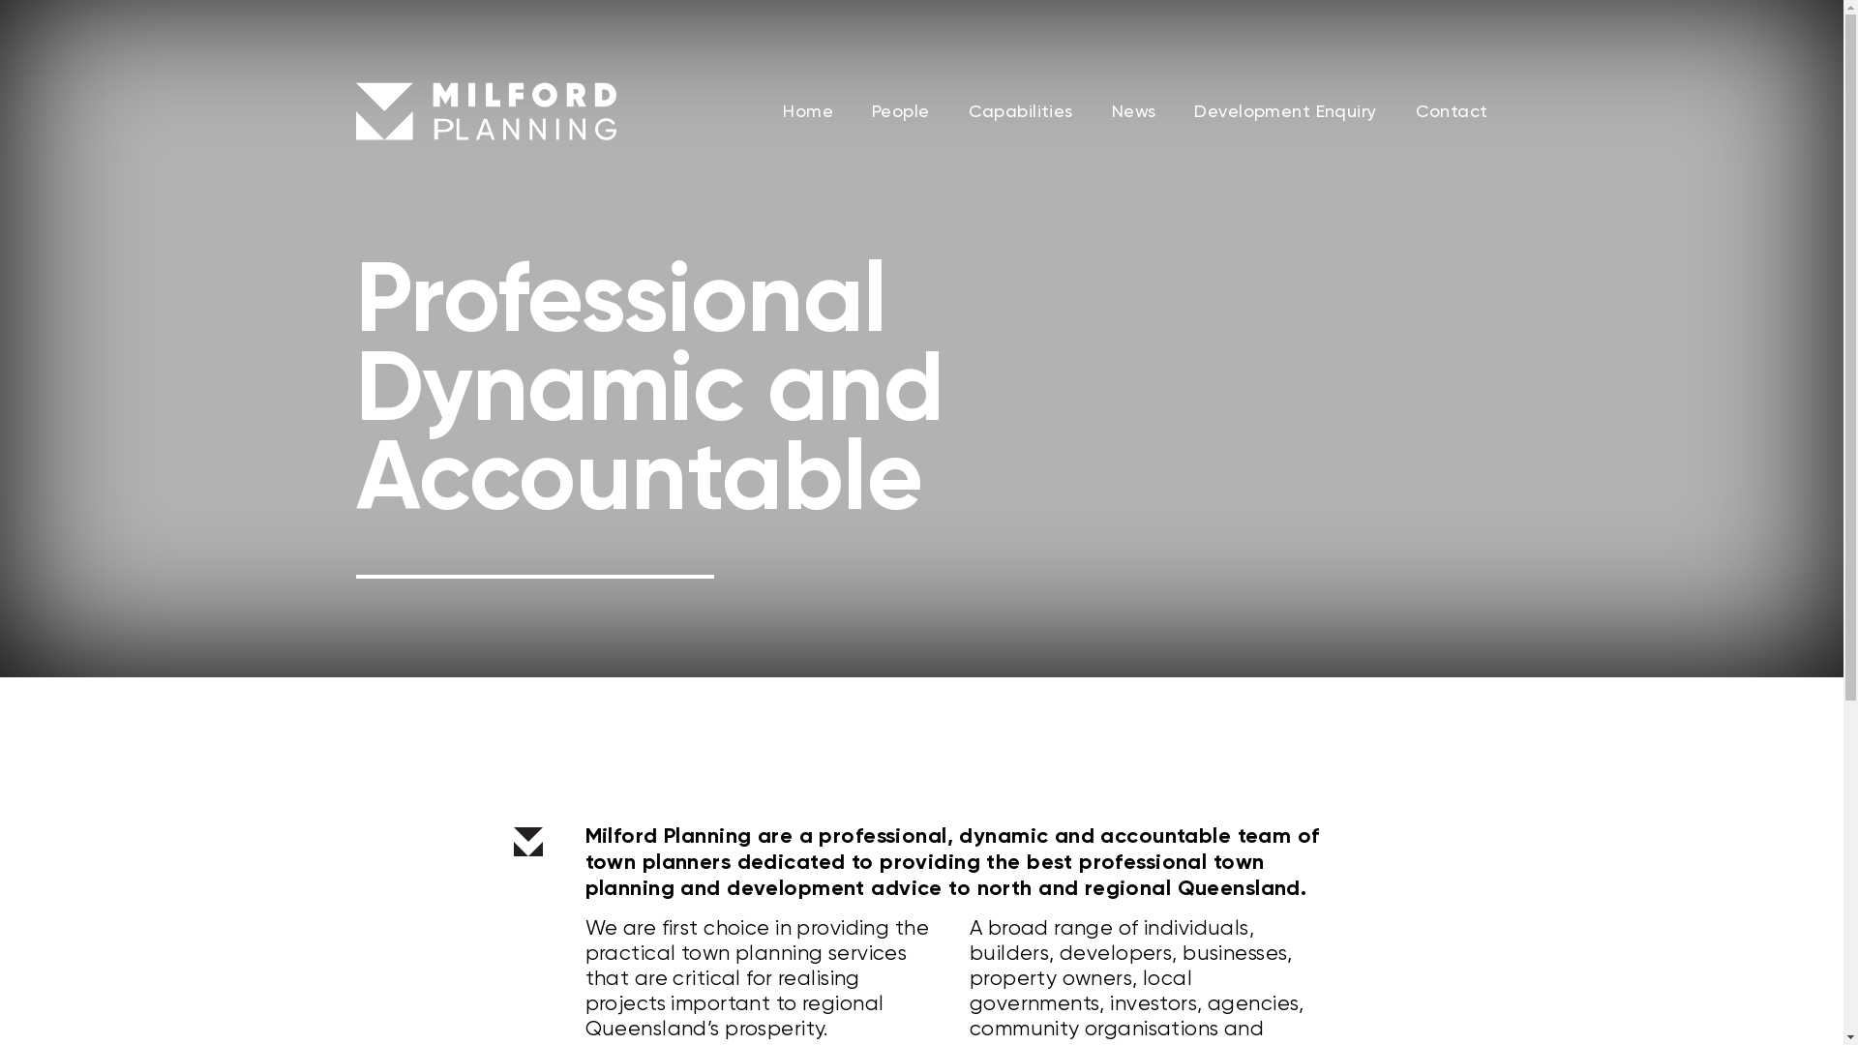  I want to click on 'People', so click(900, 111).